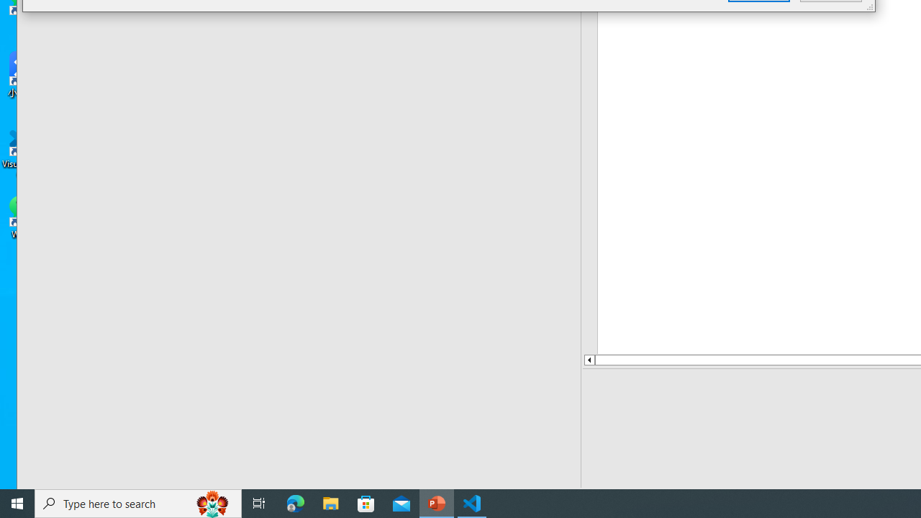  What do you see at coordinates (295, 502) in the screenshot?
I see `'Microsoft Edge'` at bounding box center [295, 502].